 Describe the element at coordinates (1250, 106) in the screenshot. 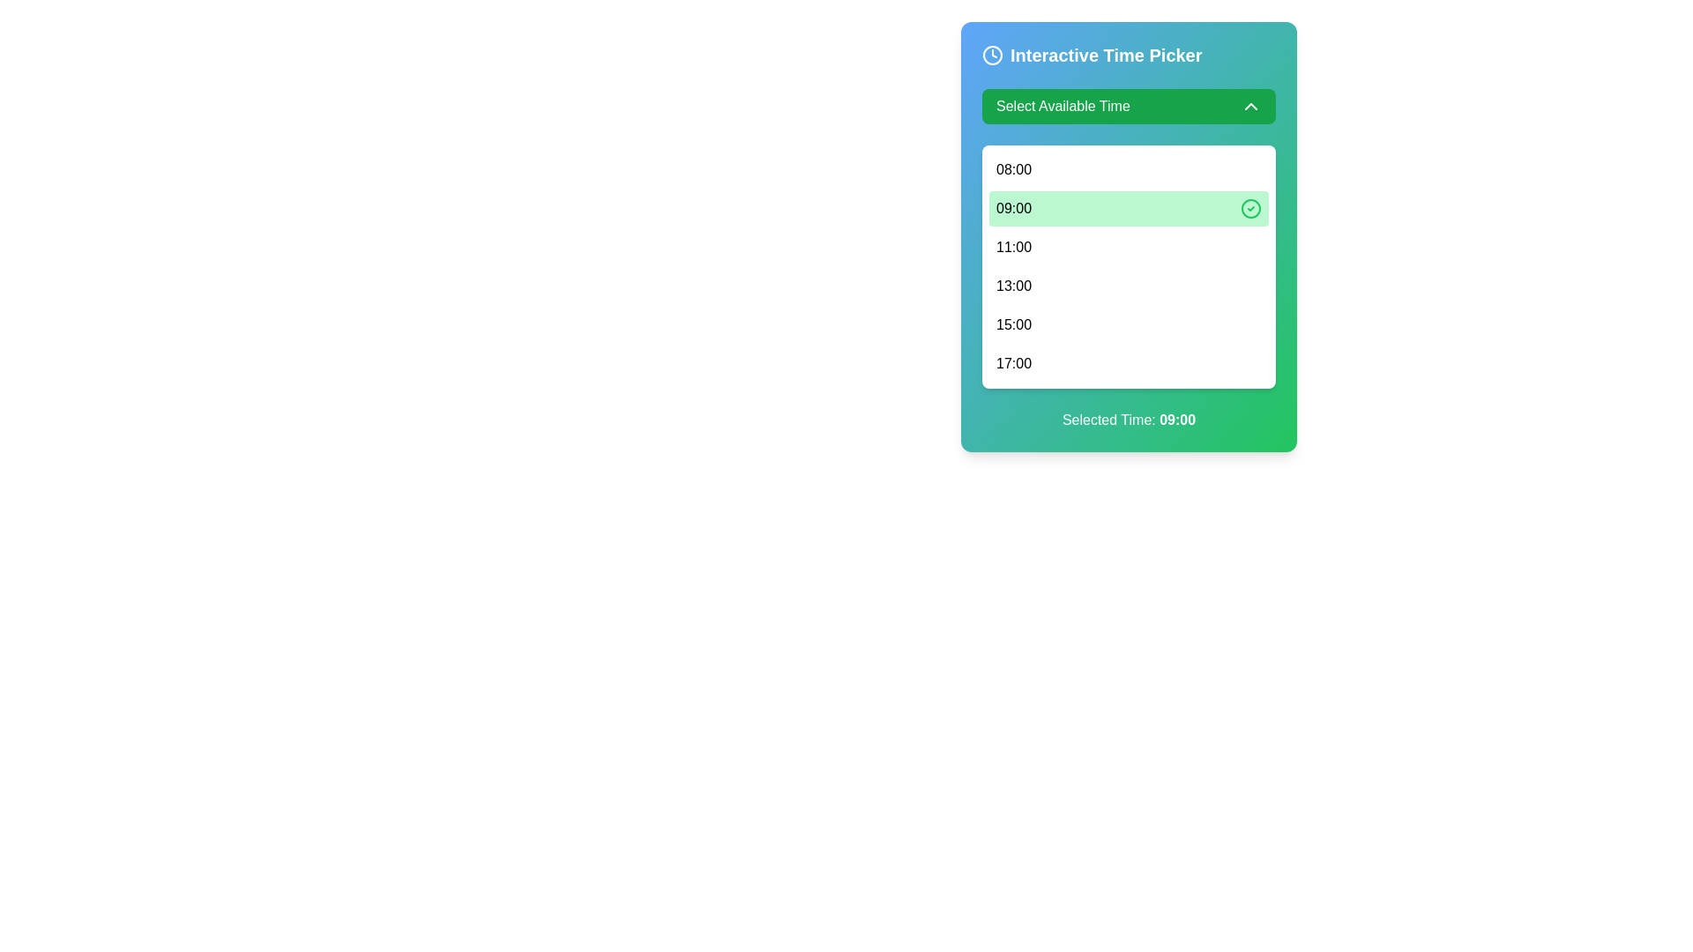

I see `the small up-pointing chevron icon located next to the text 'Select Available Time' within the green button area` at that location.